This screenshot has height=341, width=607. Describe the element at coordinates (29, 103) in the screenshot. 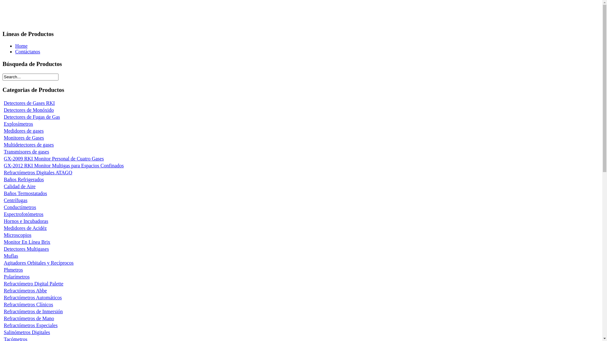

I see `'Detectores de Gases RKI'` at that location.